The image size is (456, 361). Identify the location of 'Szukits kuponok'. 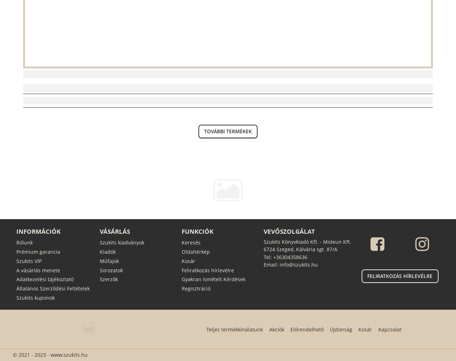
(35, 297).